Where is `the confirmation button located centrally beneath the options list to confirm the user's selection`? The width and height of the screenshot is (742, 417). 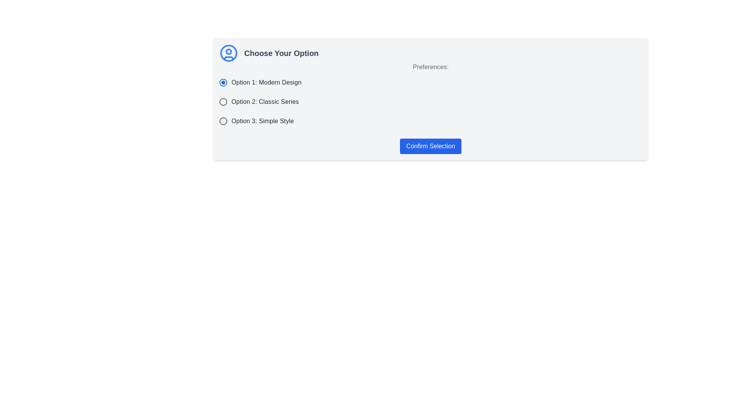
the confirmation button located centrally beneath the options list to confirm the user's selection is located at coordinates (430, 146).